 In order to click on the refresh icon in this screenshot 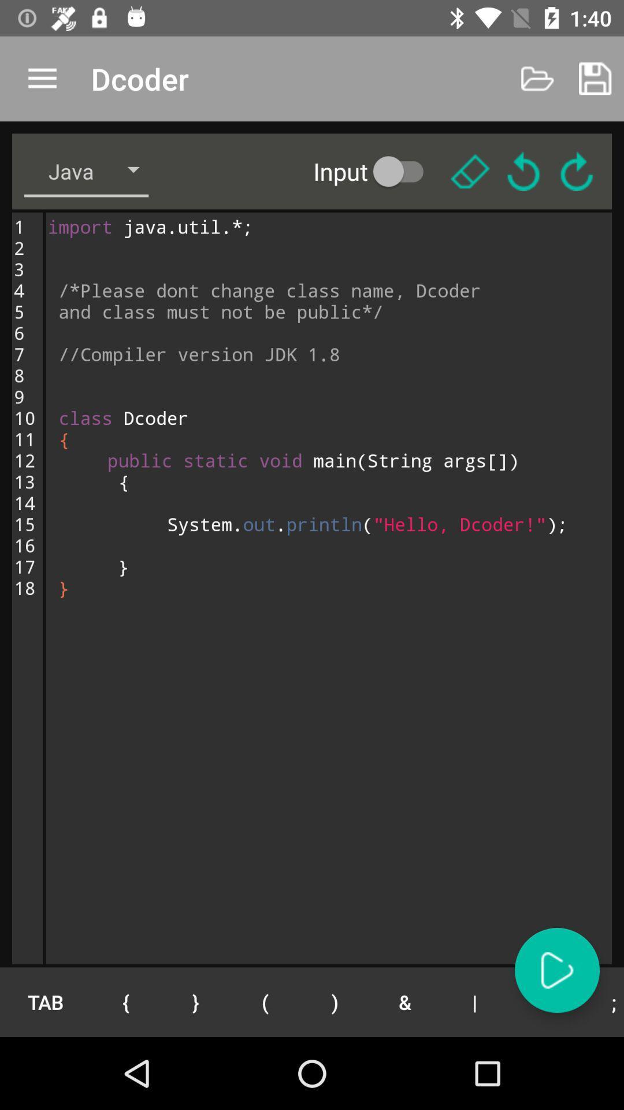, I will do `click(577, 171)`.